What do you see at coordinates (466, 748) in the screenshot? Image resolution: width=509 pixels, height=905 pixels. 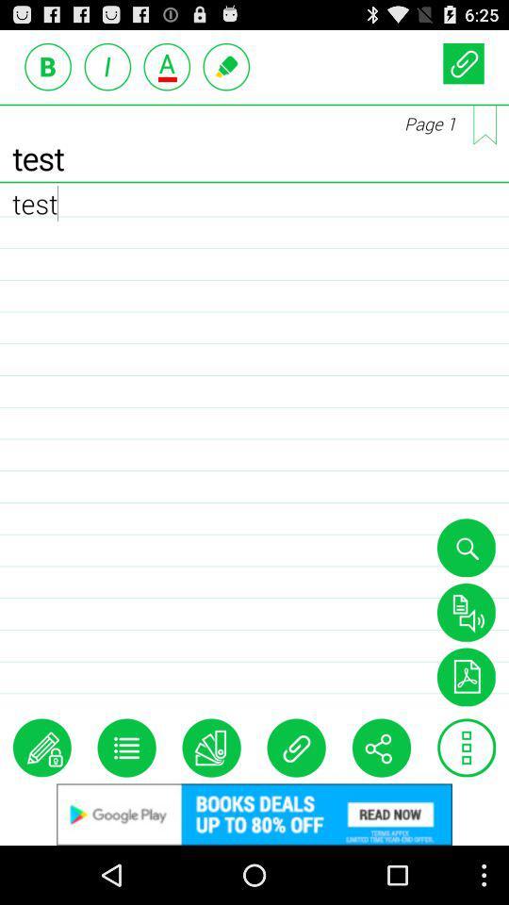 I see `icon` at bounding box center [466, 748].